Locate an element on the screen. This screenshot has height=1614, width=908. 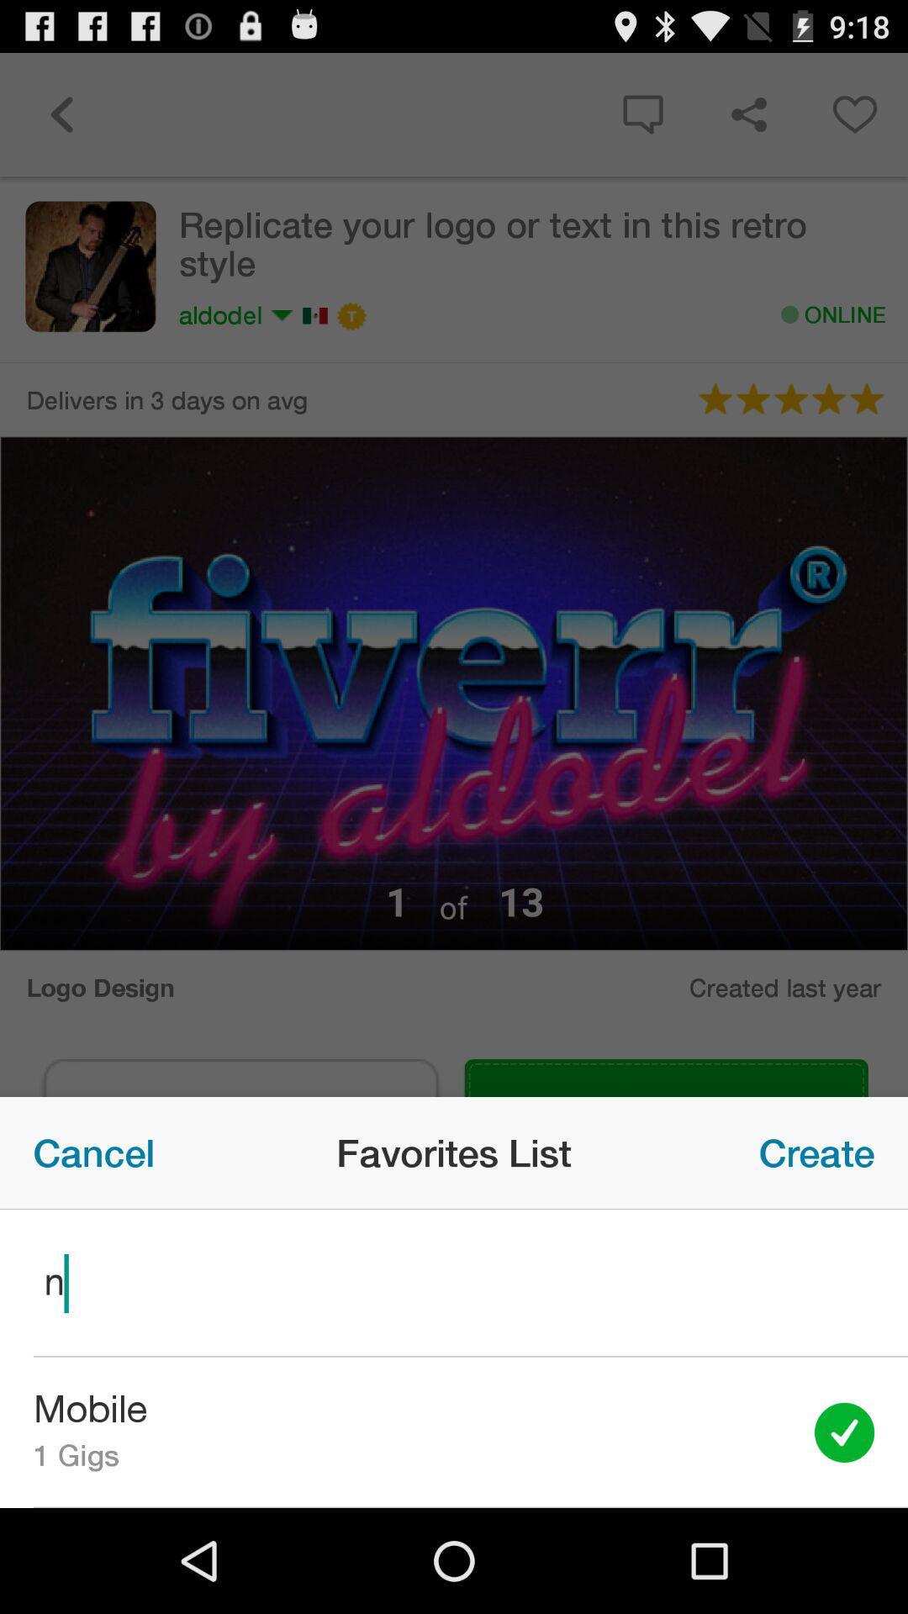
cancel is located at coordinates (93, 1152).